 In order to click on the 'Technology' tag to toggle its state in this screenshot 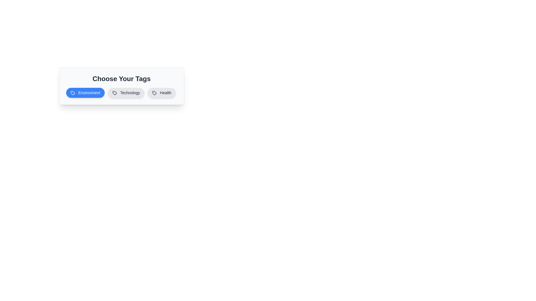, I will do `click(126, 92)`.